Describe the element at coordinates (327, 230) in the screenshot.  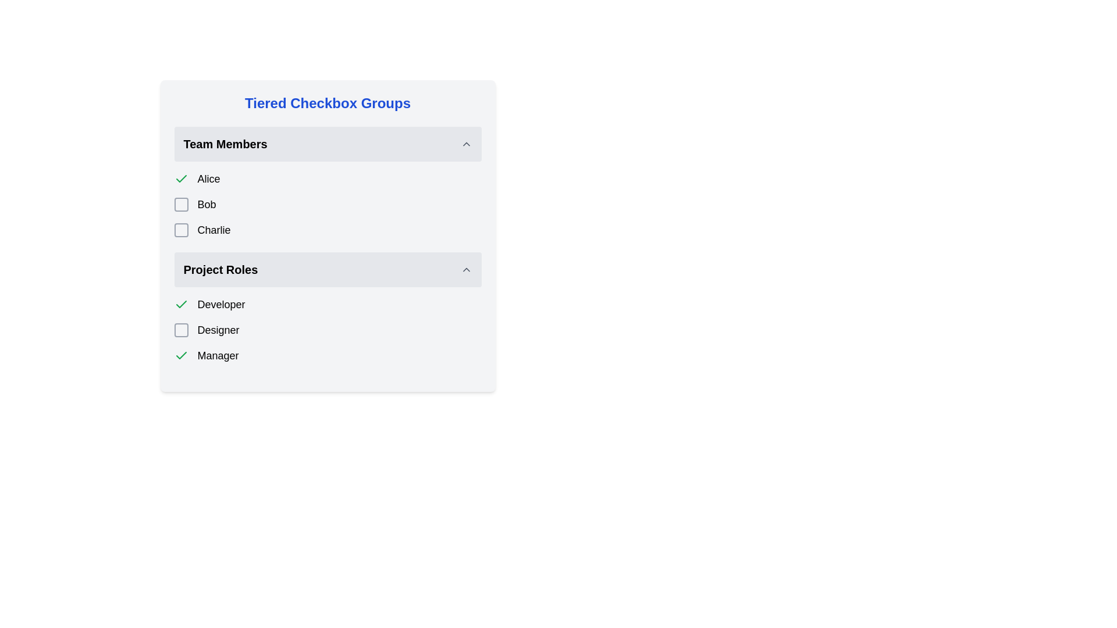
I see `the checkbox labeled 'Charlie' in the 'Team Members' section` at that location.